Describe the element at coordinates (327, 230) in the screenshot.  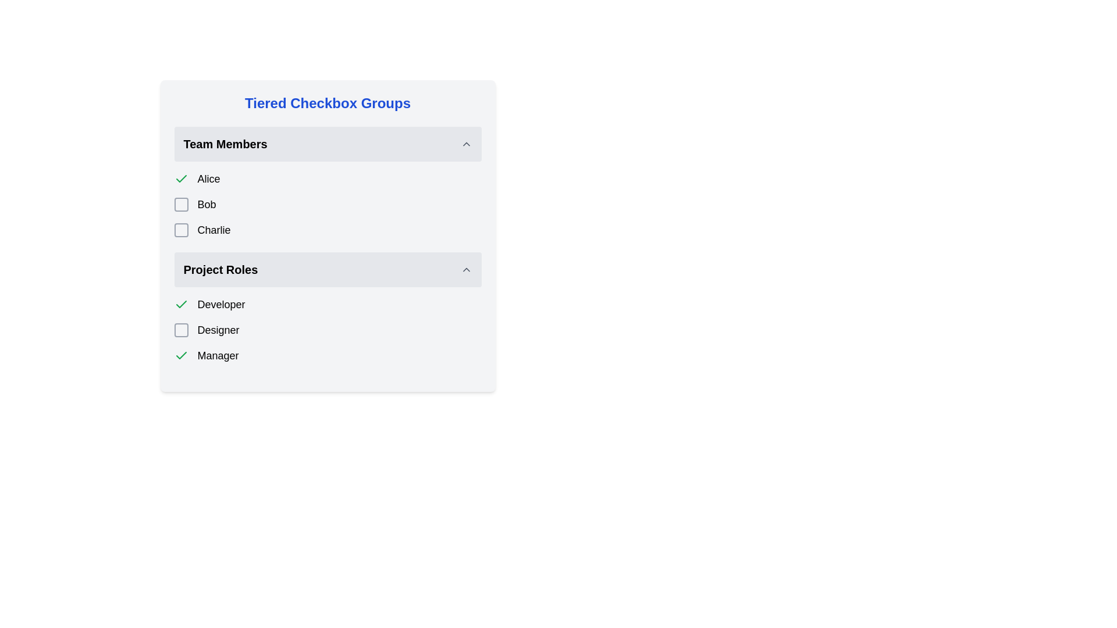
I see `the checkbox labeled 'Charlie' in the 'Team Members' section` at that location.